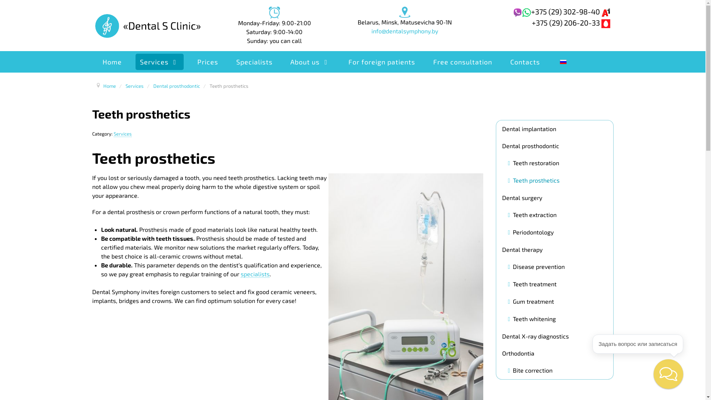 This screenshot has width=711, height=400. What do you see at coordinates (462, 61) in the screenshot?
I see `'Free consultation'` at bounding box center [462, 61].